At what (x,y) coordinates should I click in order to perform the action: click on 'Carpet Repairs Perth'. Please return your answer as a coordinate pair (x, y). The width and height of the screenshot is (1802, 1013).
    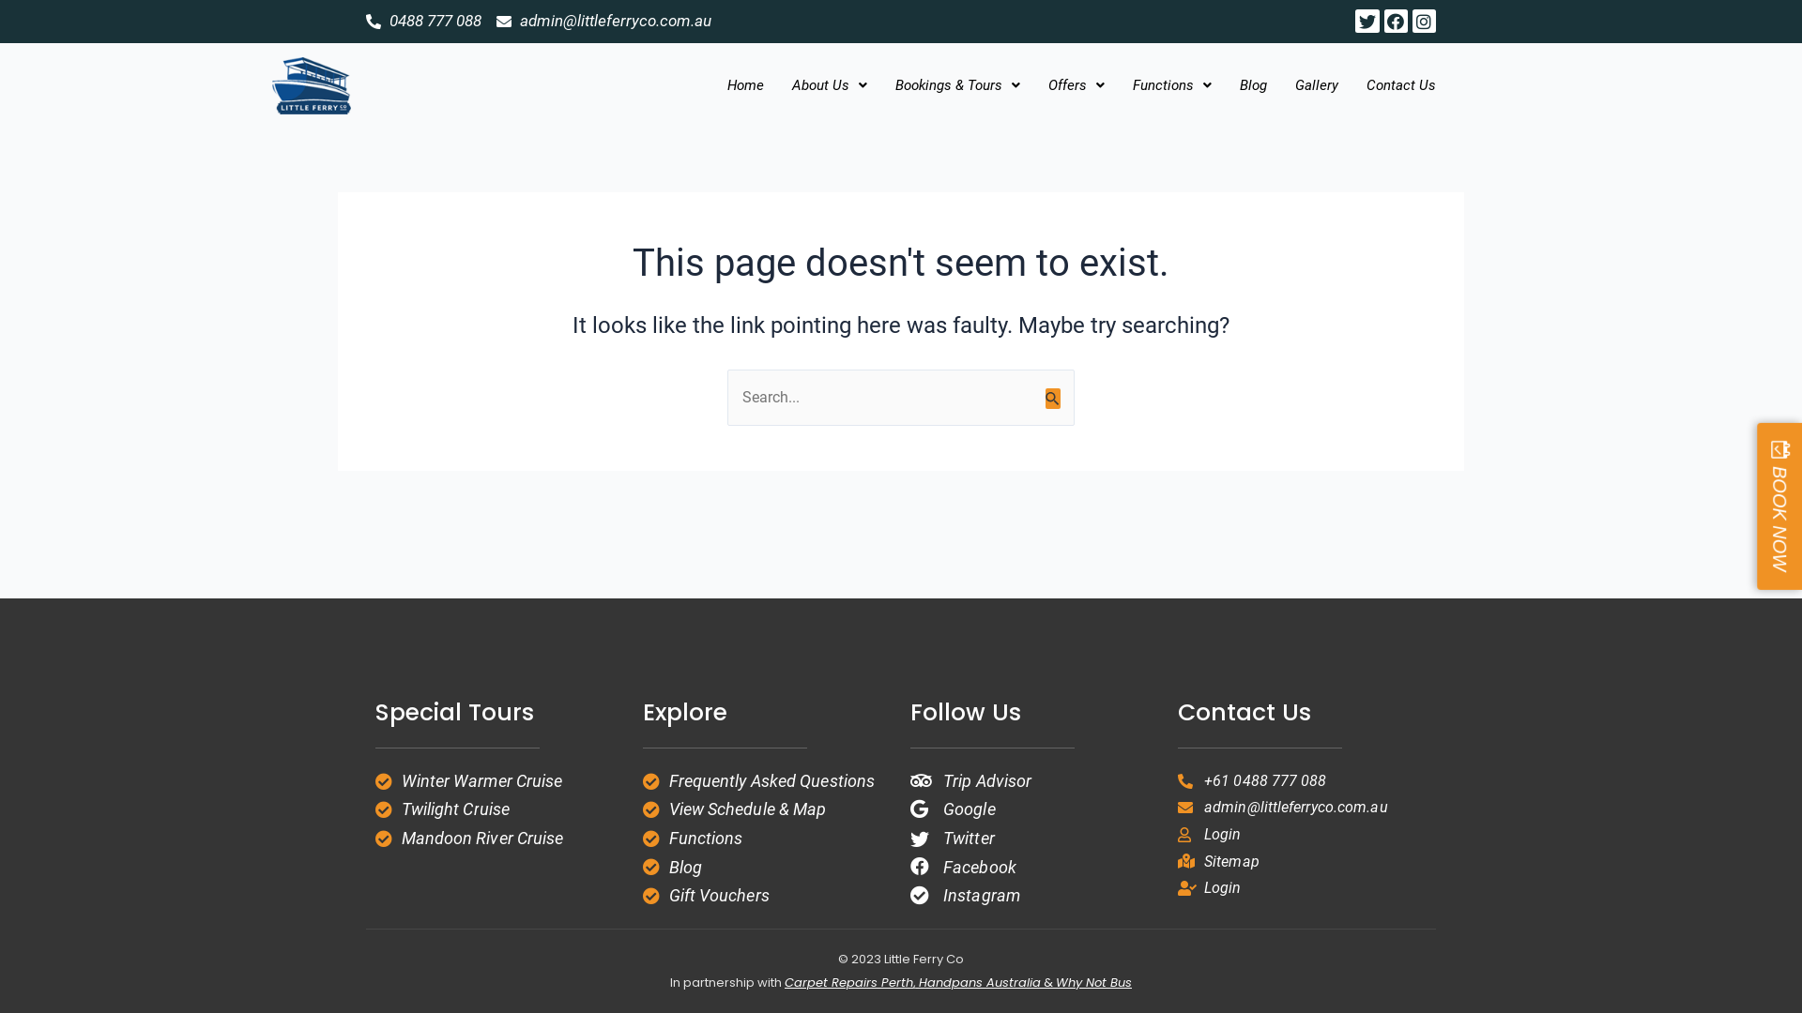
    Looking at the image, I should click on (848, 981).